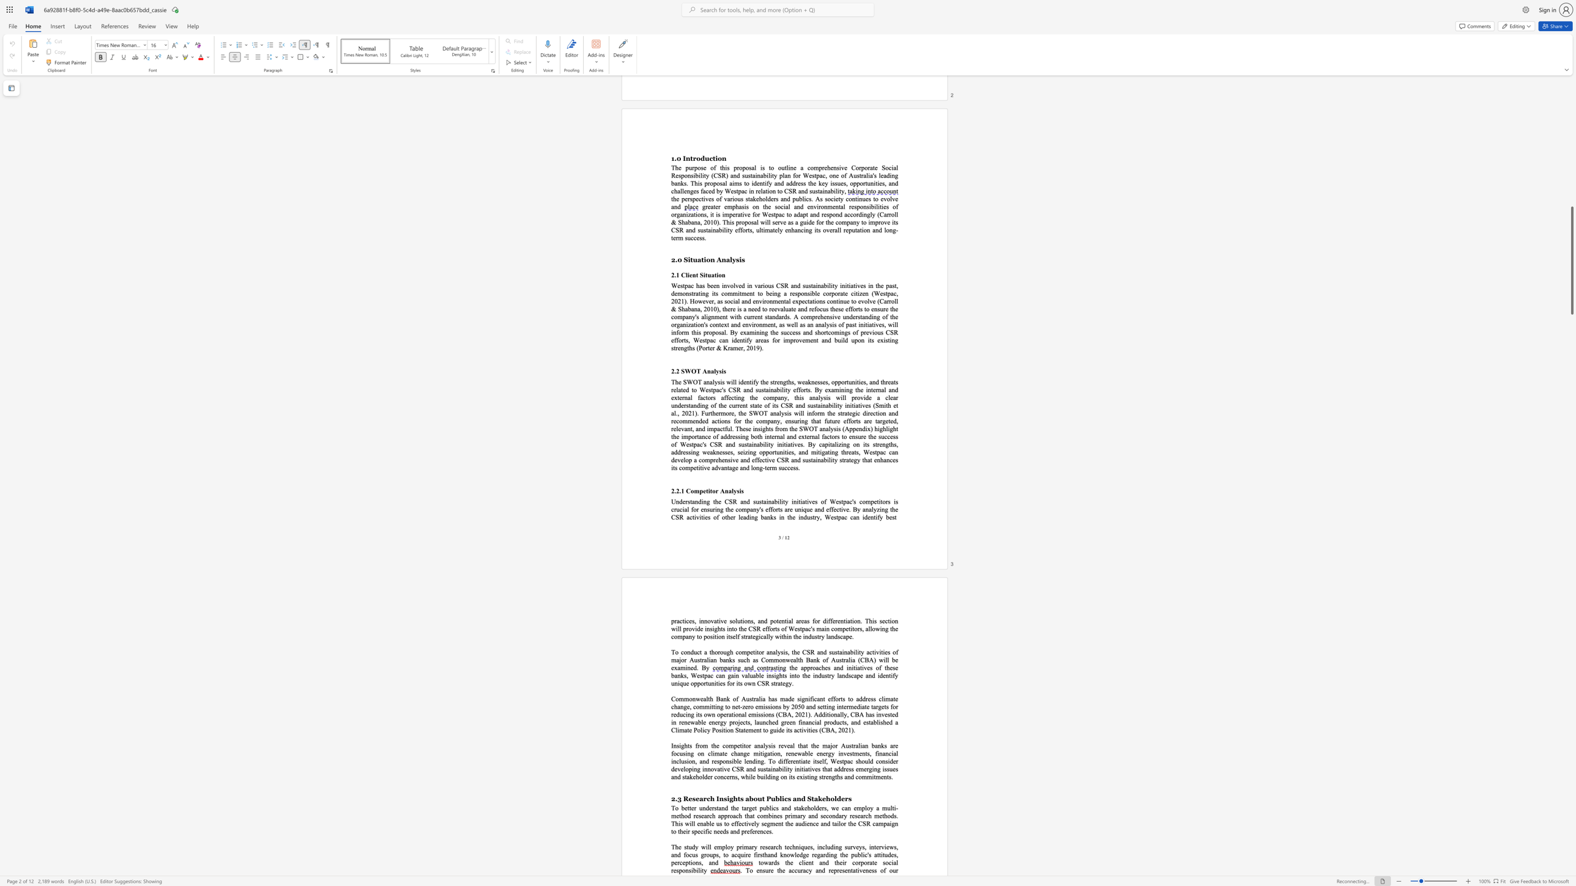 This screenshot has width=1576, height=886. What do you see at coordinates (864, 722) in the screenshot?
I see `the 1th character "e" in the text` at bounding box center [864, 722].